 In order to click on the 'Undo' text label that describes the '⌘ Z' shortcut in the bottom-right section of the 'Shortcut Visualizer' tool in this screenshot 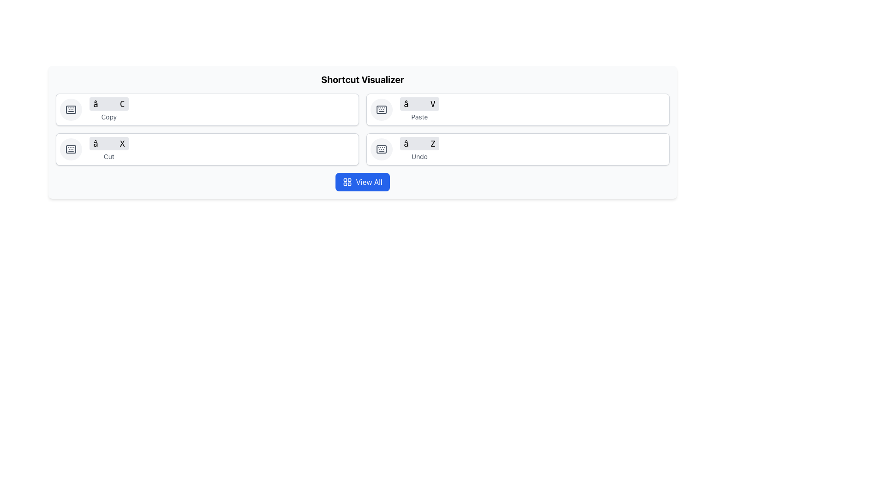, I will do `click(419, 156)`.